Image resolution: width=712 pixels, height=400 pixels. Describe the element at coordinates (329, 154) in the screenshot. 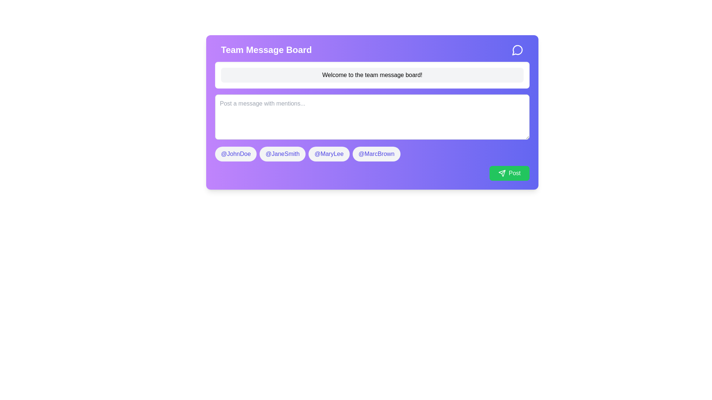

I see `the third button in a horizontal list of buttons, which serves as an interactive mention tag for the user '@MaryLee'` at that location.